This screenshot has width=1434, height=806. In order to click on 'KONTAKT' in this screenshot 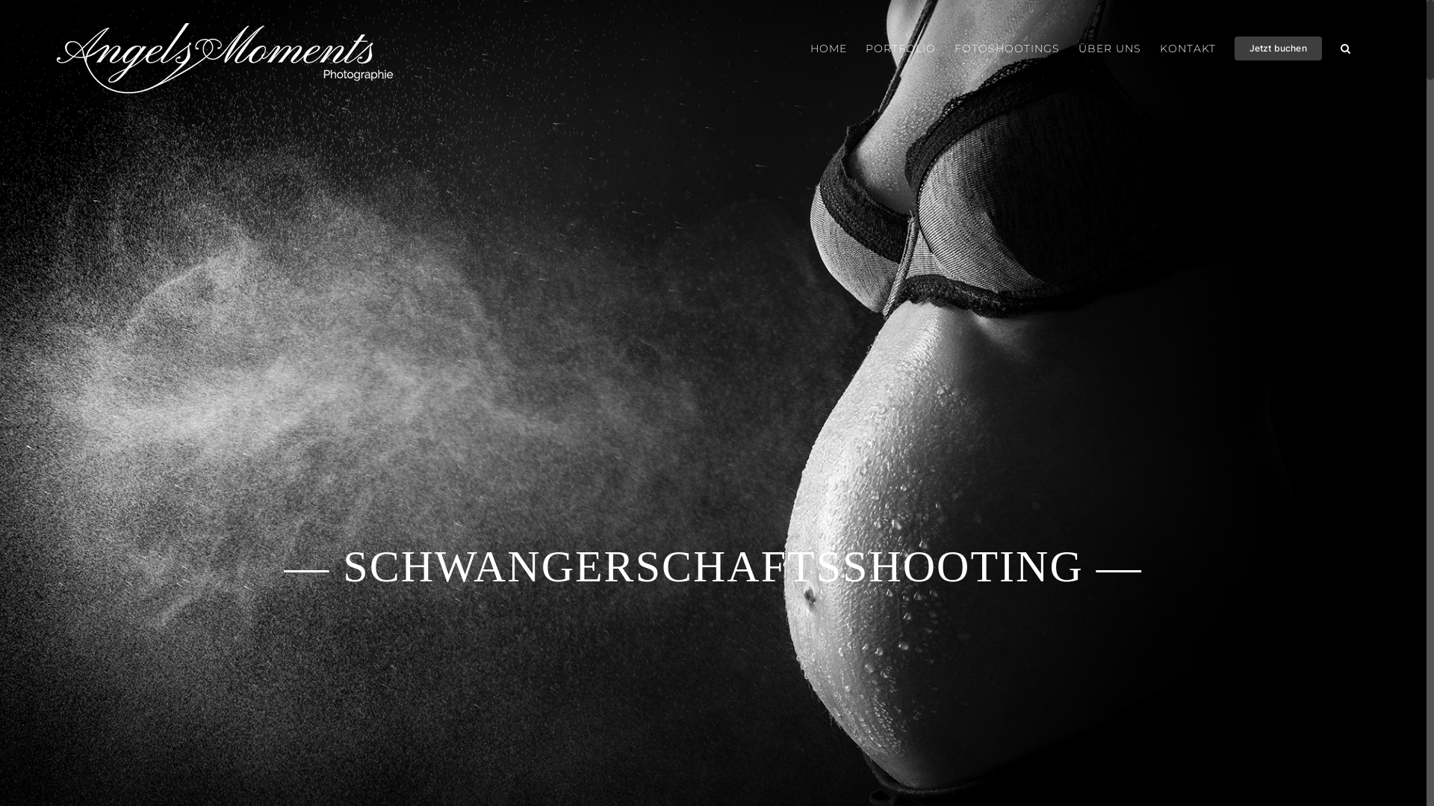, I will do `click(1159, 48)`.